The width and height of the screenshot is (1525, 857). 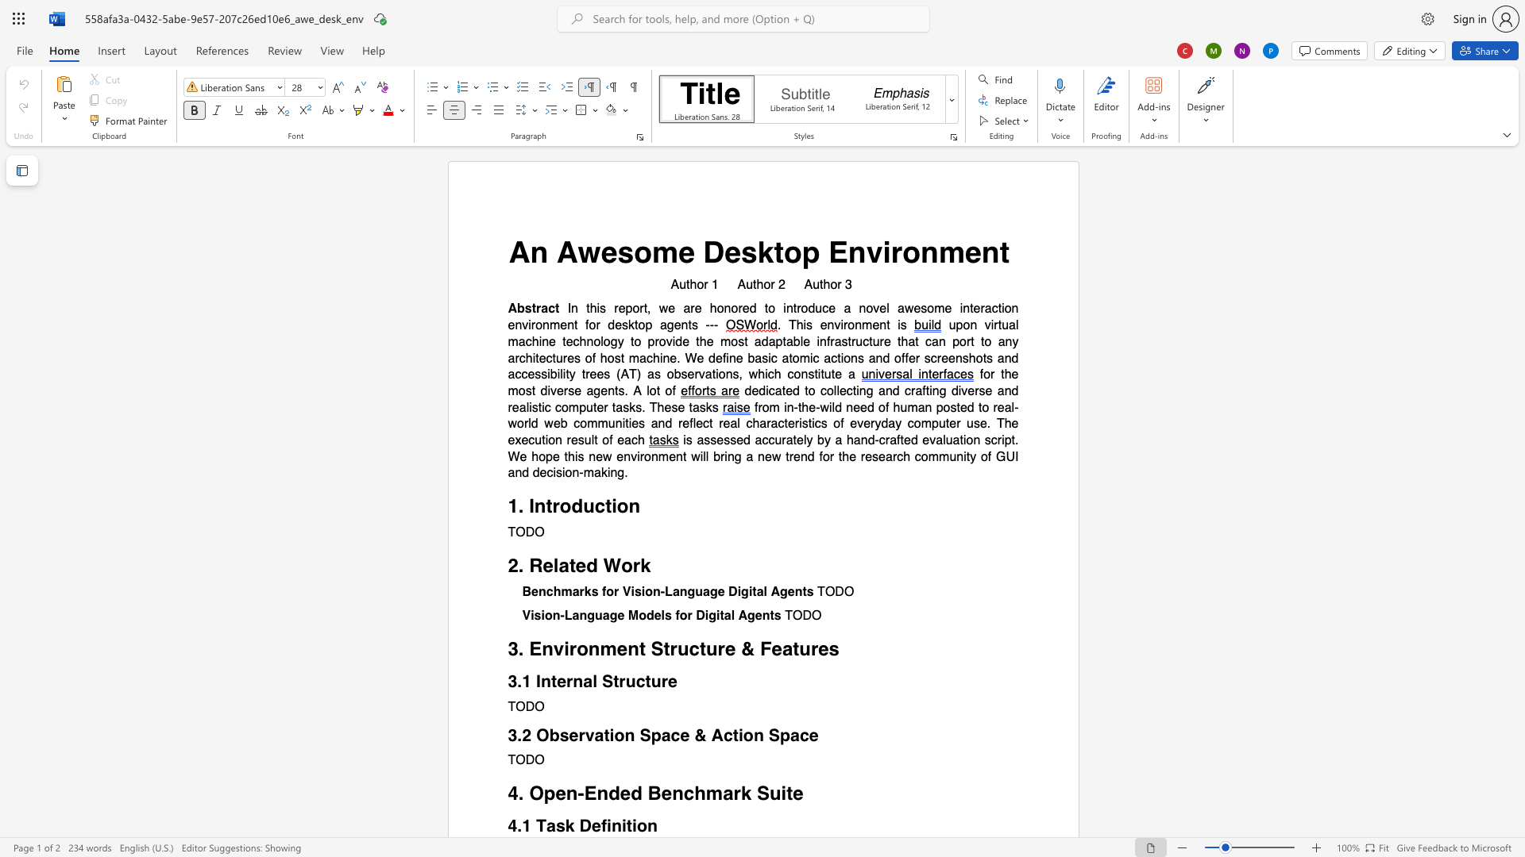 What do you see at coordinates (836, 390) in the screenshot?
I see `the subset text "lecting and crafting diverse and realistic computer tasks. T" within the text "dedicated to collecting and crafting diverse and realistic computer tasks. These tasks"` at bounding box center [836, 390].